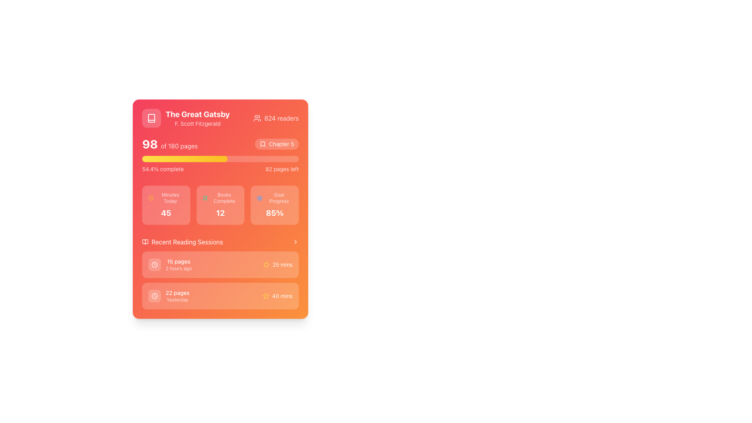 This screenshot has width=752, height=423. I want to click on the text displaying '40 mins' beside the amber-colored star icon for accessibility purposes, located in the bottom right of the 'Recent Reading Sessions' list item, so click(278, 296).